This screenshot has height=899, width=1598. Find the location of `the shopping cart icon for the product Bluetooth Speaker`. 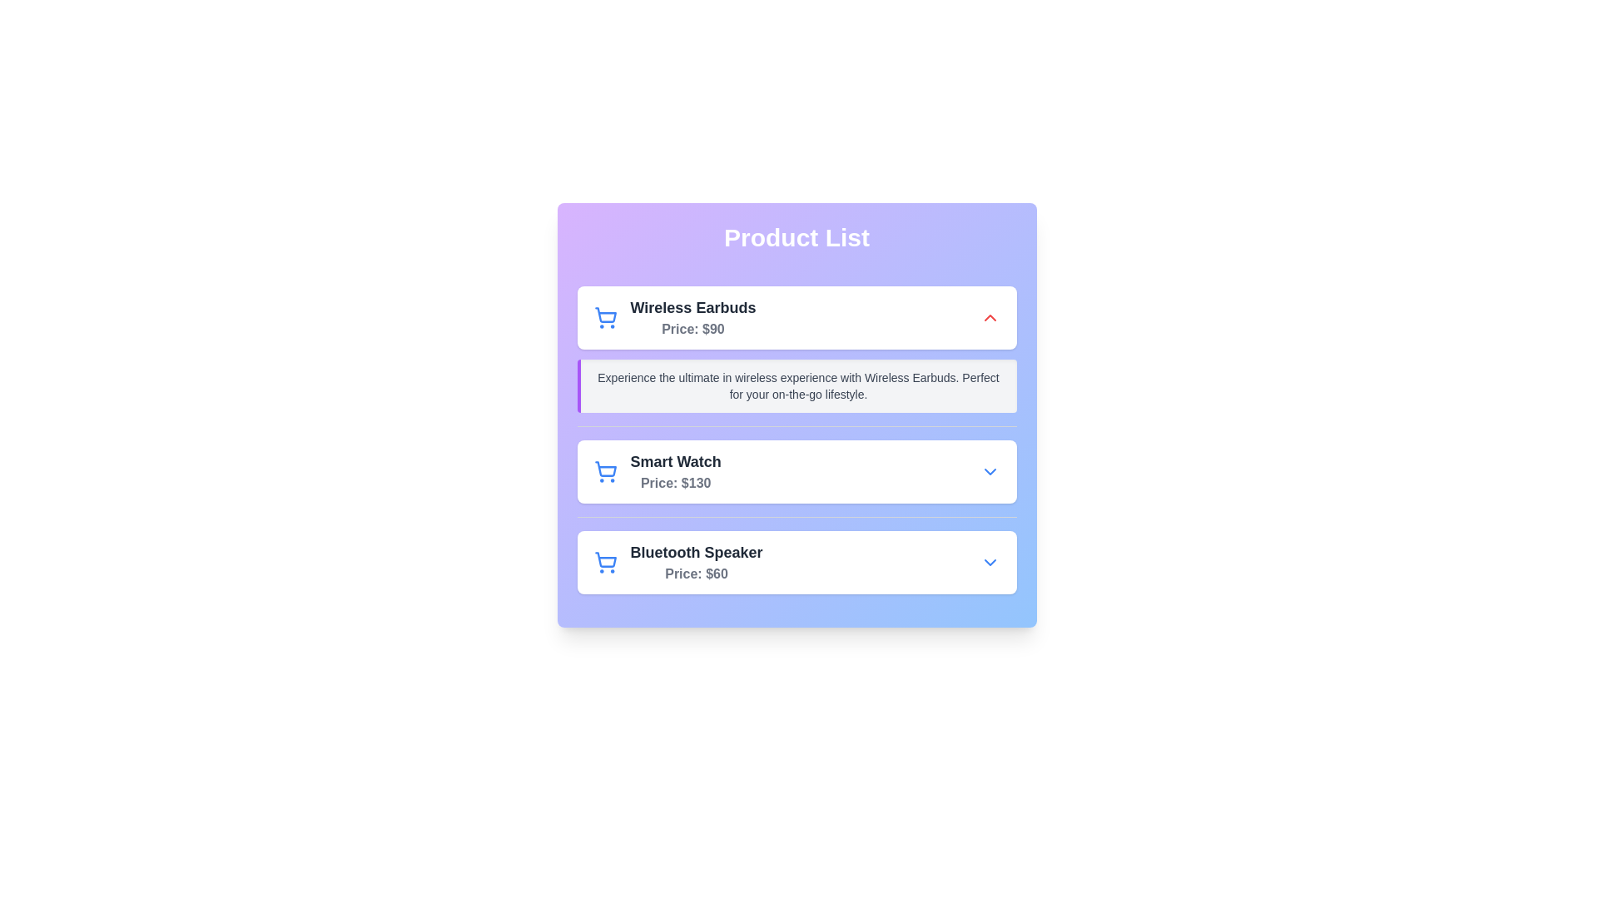

the shopping cart icon for the product Bluetooth Speaker is located at coordinates (604, 562).